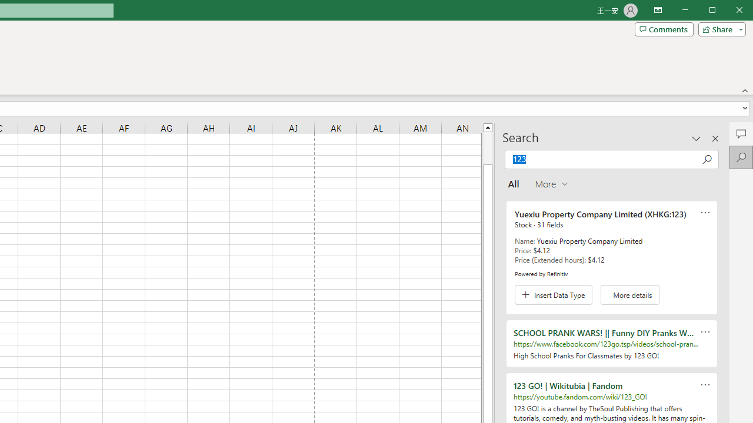 The height and width of the screenshot is (423, 753). What do you see at coordinates (488, 147) in the screenshot?
I see `'Page up'` at bounding box center [488, 147].